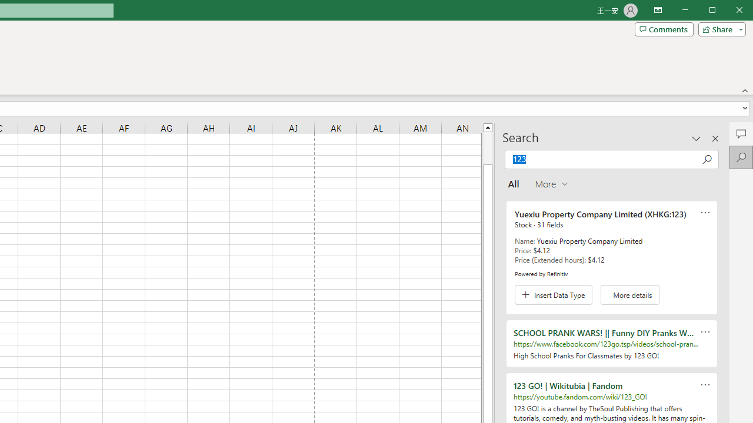 The height and width of the screenshot is (423, 753). What do you see at coordinates (488, 147) in the screenshot?
I see `'Page up'` at bounding box center [488, 147].